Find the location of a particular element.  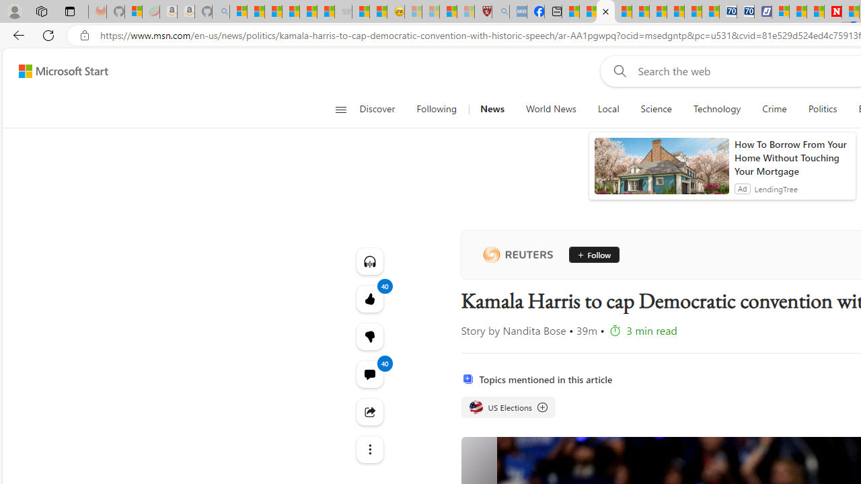

'Follow' is located at coordinates (589, 255).